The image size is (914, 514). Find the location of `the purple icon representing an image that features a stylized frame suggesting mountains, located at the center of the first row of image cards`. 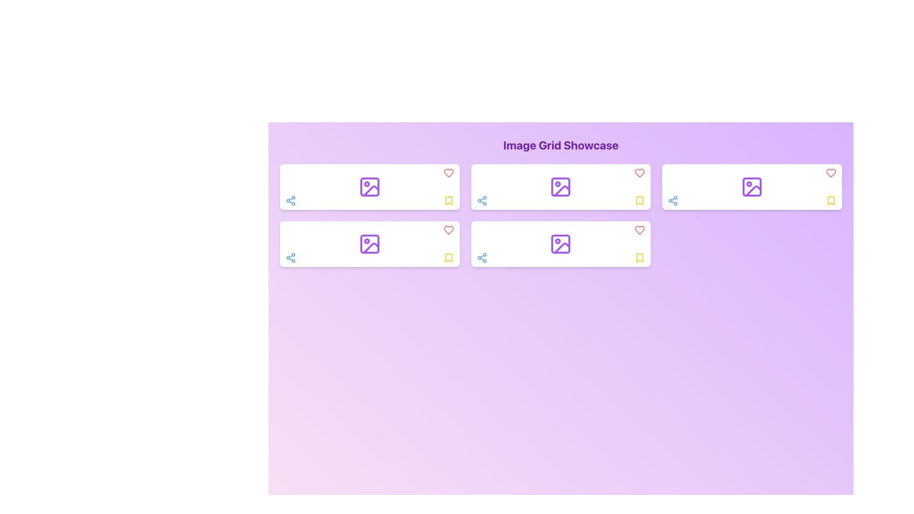

the purple icon representing an image that features a stylized frame suggesting mountains, located at the center of the first row of image cards is located at coordinates (369, 187).